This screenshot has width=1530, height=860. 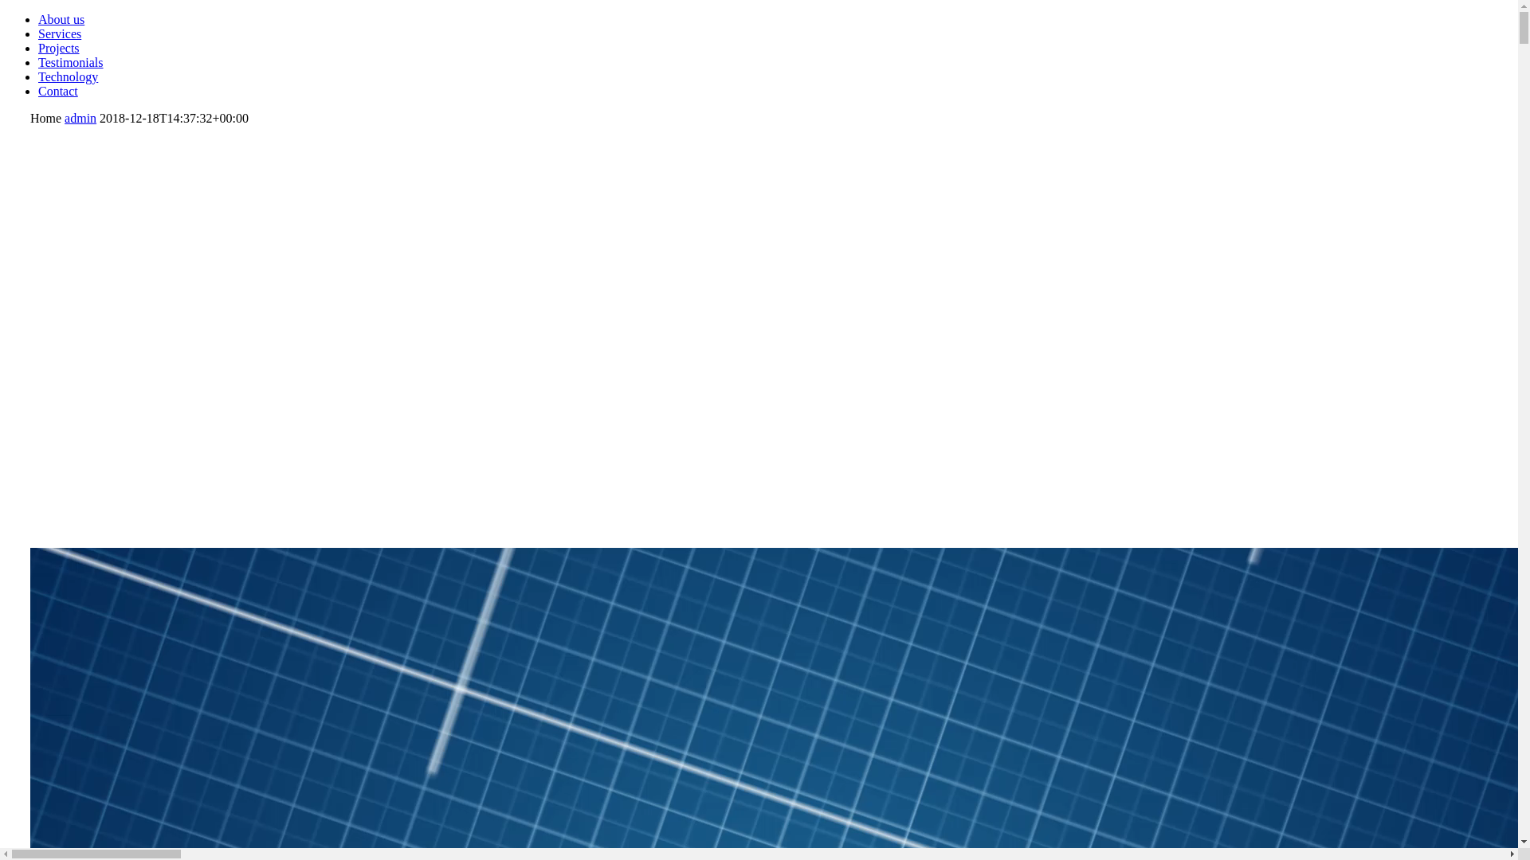 What do you see at coordinates (38, 76) in the screenshot?
I see `'Technology'` at bounding box center [38, 76].